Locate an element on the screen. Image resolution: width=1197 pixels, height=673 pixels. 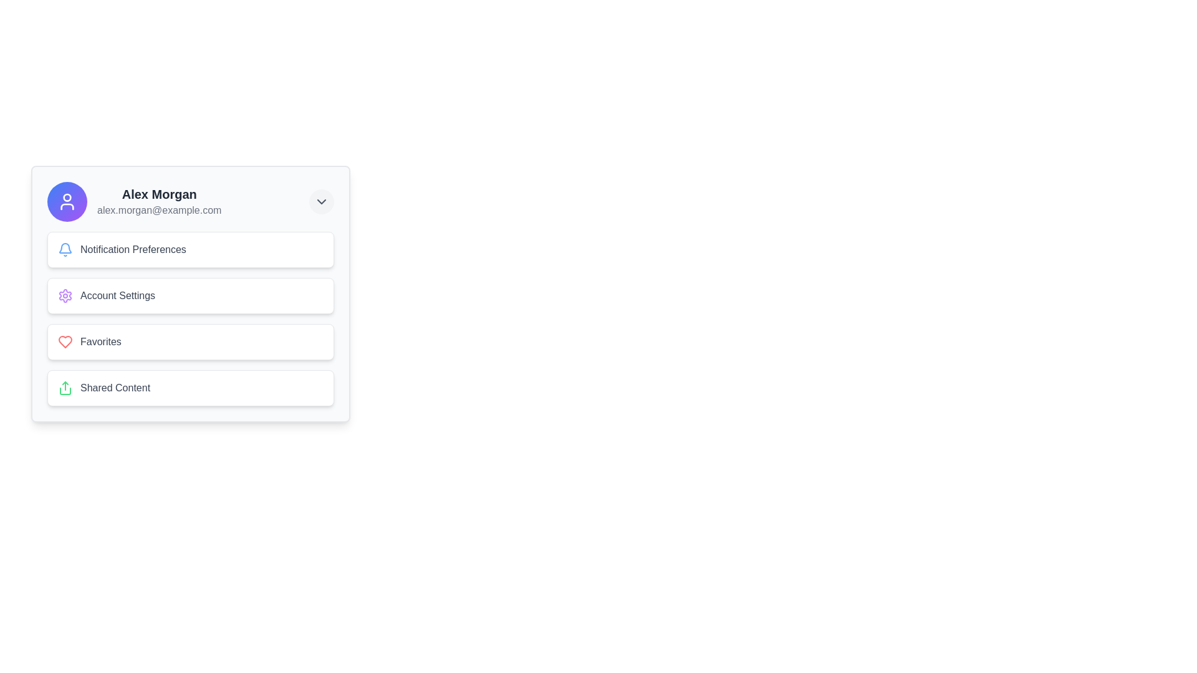
the bell icon representing 'Notification Preferences' located to the left of the text in the settings menu is located at coordinates (65, 250).